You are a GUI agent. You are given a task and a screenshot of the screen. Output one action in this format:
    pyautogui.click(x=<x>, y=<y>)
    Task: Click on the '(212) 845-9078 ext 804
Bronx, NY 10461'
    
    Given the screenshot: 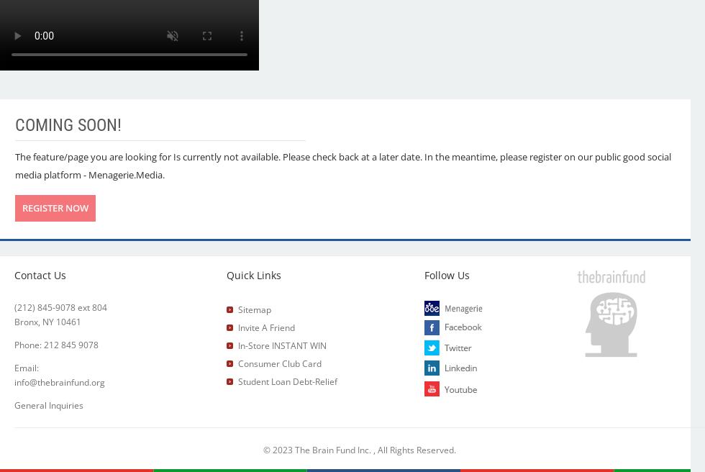 What is the action you would take?
    pyautogui.click(x=60, y=314)
    